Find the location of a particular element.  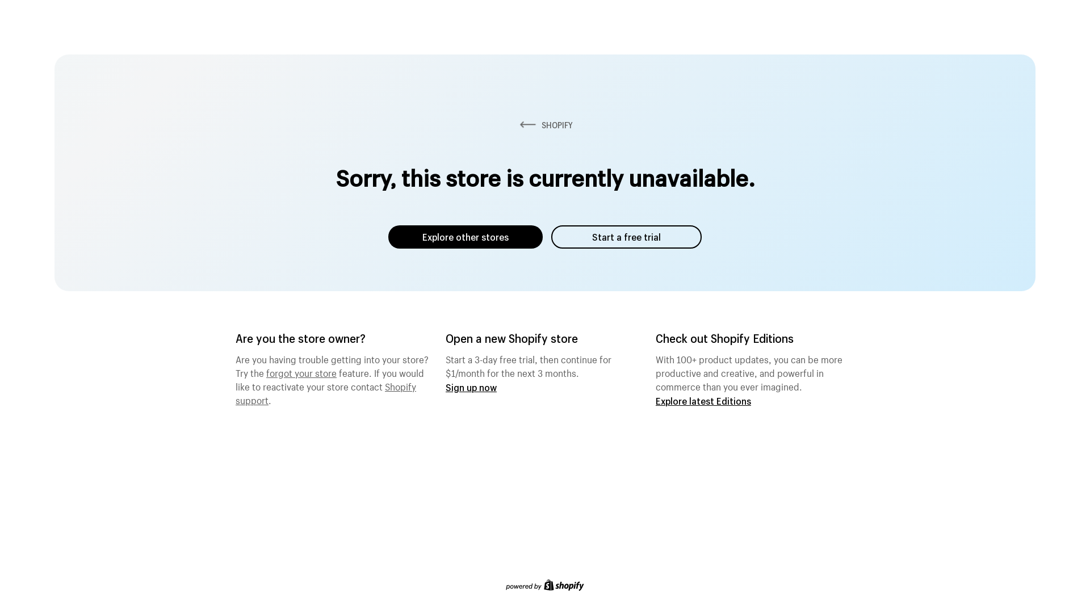

'Explore other stores' is located at coordinates (466, 236).